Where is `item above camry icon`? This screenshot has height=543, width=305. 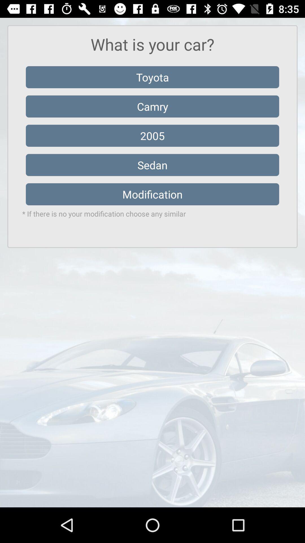 item above camry icon is located at coordinates (152, 77).